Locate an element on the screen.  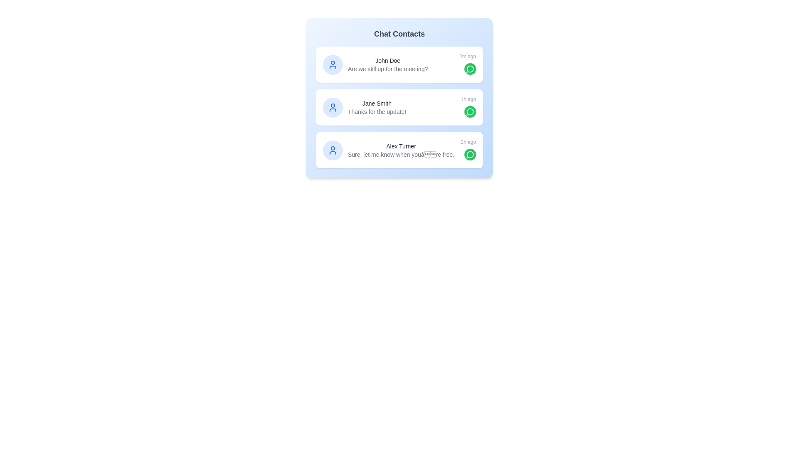
the chat button for Alex Turner to open their chat interface is located at coordinates (470, 154).